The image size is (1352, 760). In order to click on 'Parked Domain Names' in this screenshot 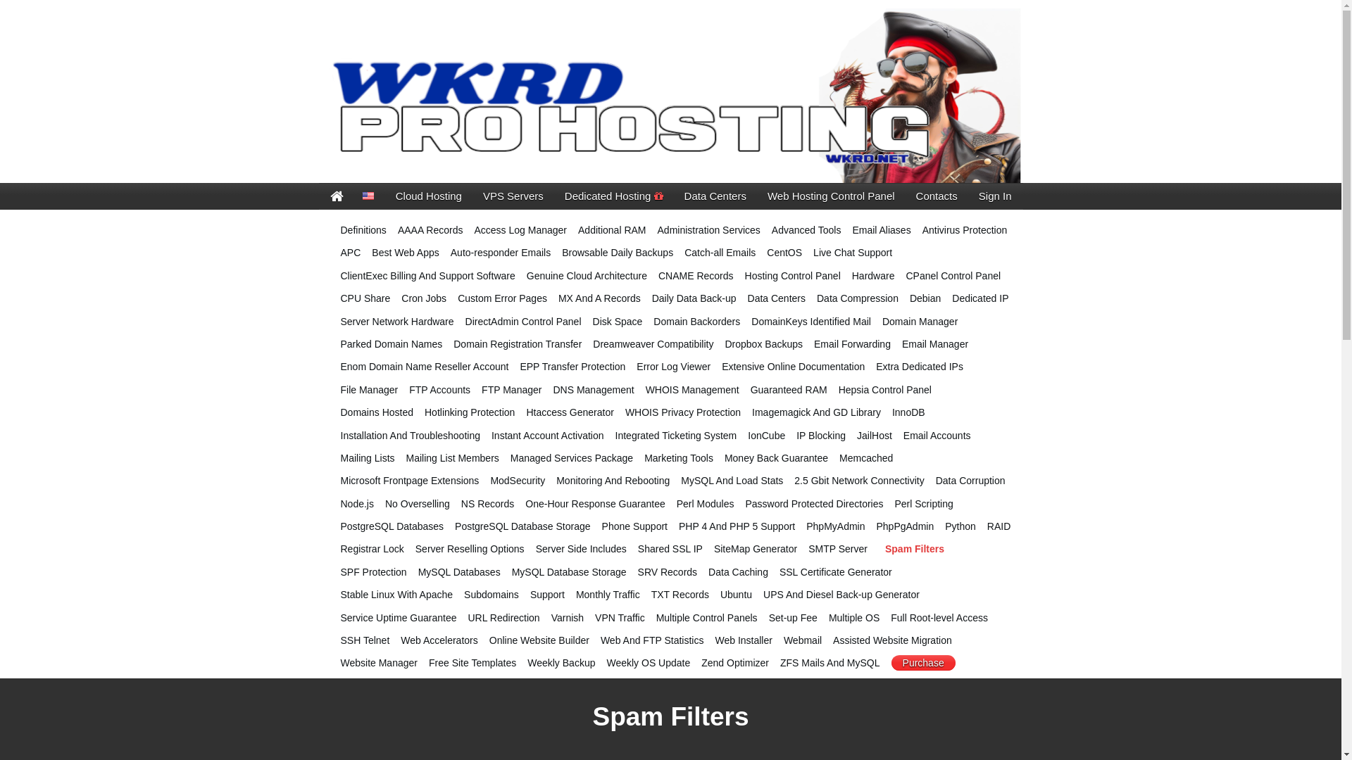, I will do `click(392, 344)`.